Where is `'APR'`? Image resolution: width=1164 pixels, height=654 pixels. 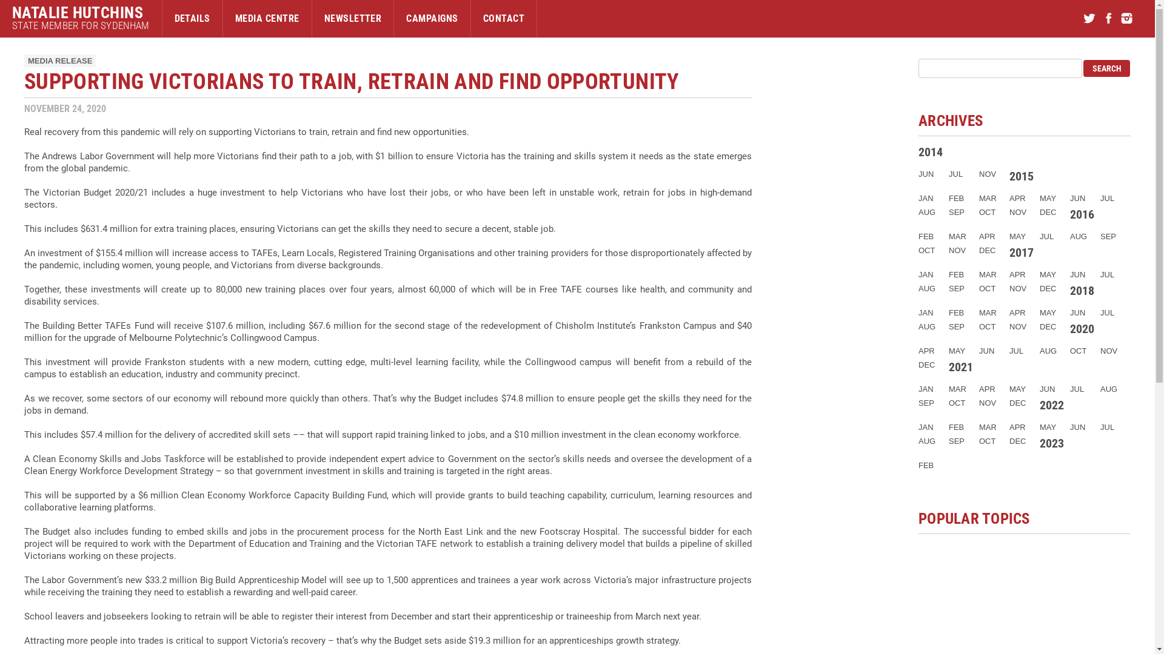
'APR' is located at coordinates (1017, 197).